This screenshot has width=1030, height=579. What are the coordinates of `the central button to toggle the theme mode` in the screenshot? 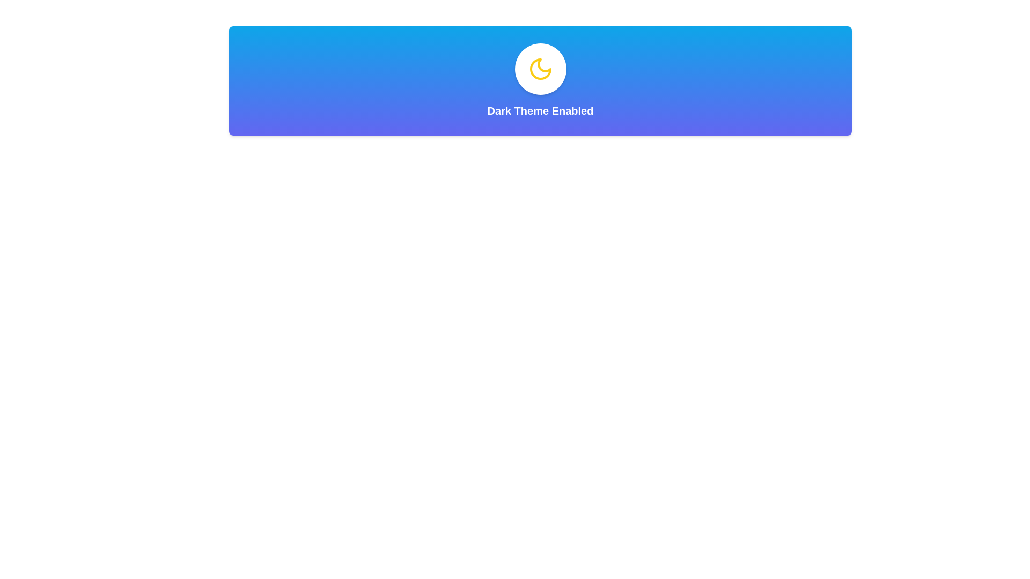 It's located at (540, 69).